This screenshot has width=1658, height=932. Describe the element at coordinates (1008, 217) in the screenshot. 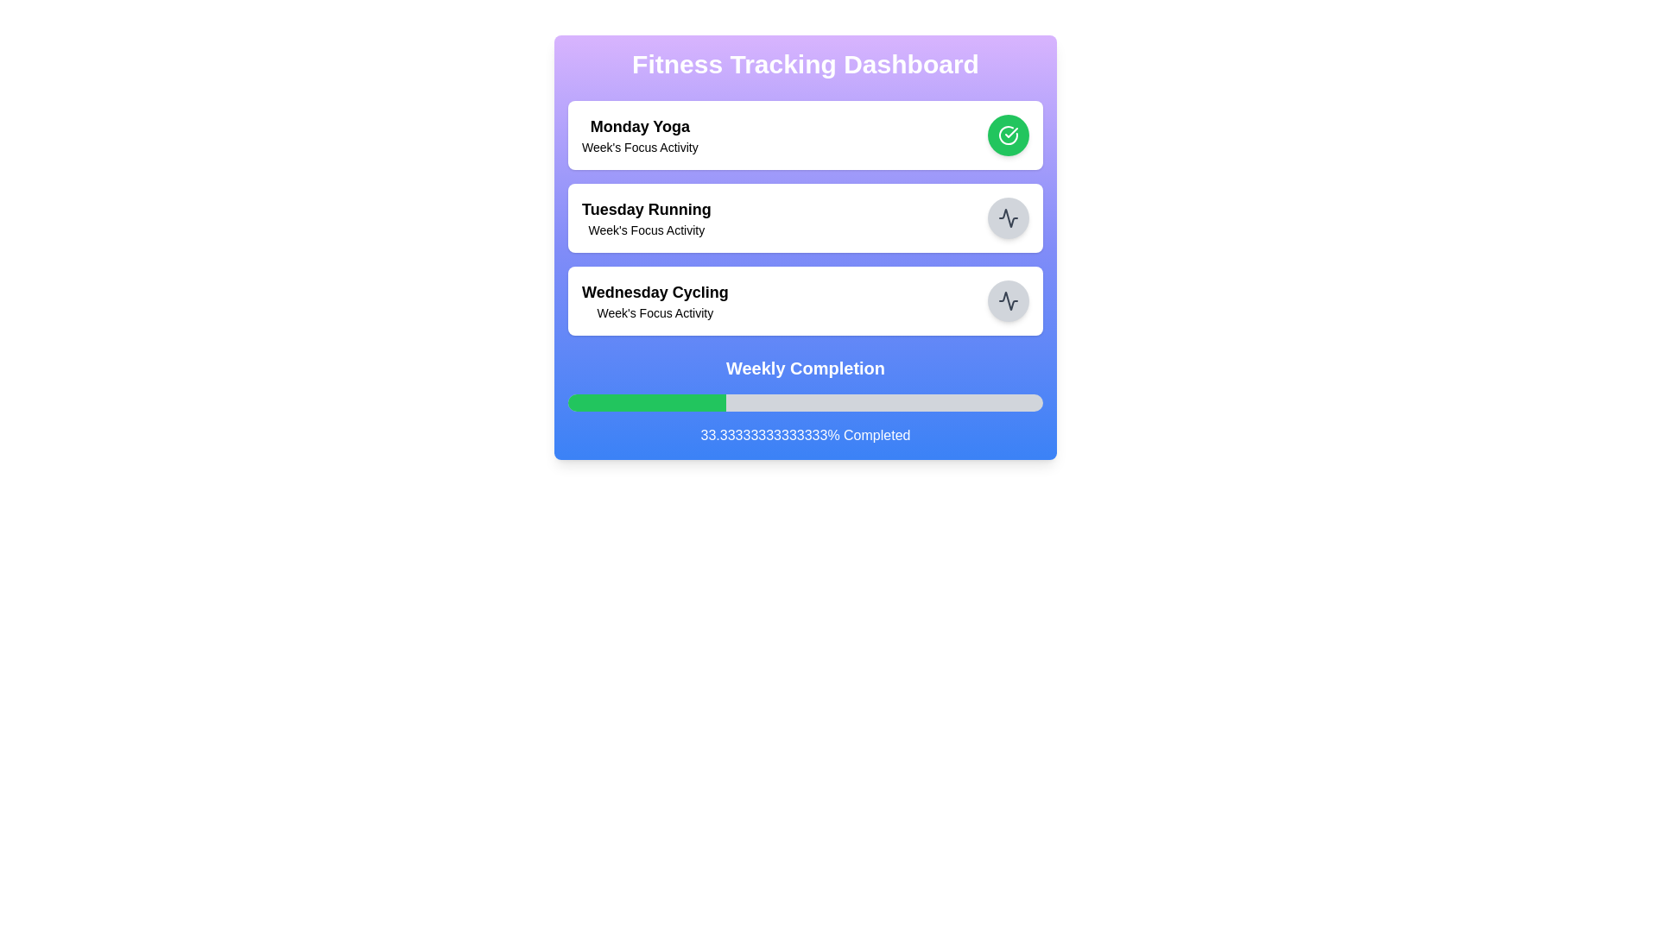

I see `the interactive button located at the right end of the 'Tuesday Running' card` at that location.